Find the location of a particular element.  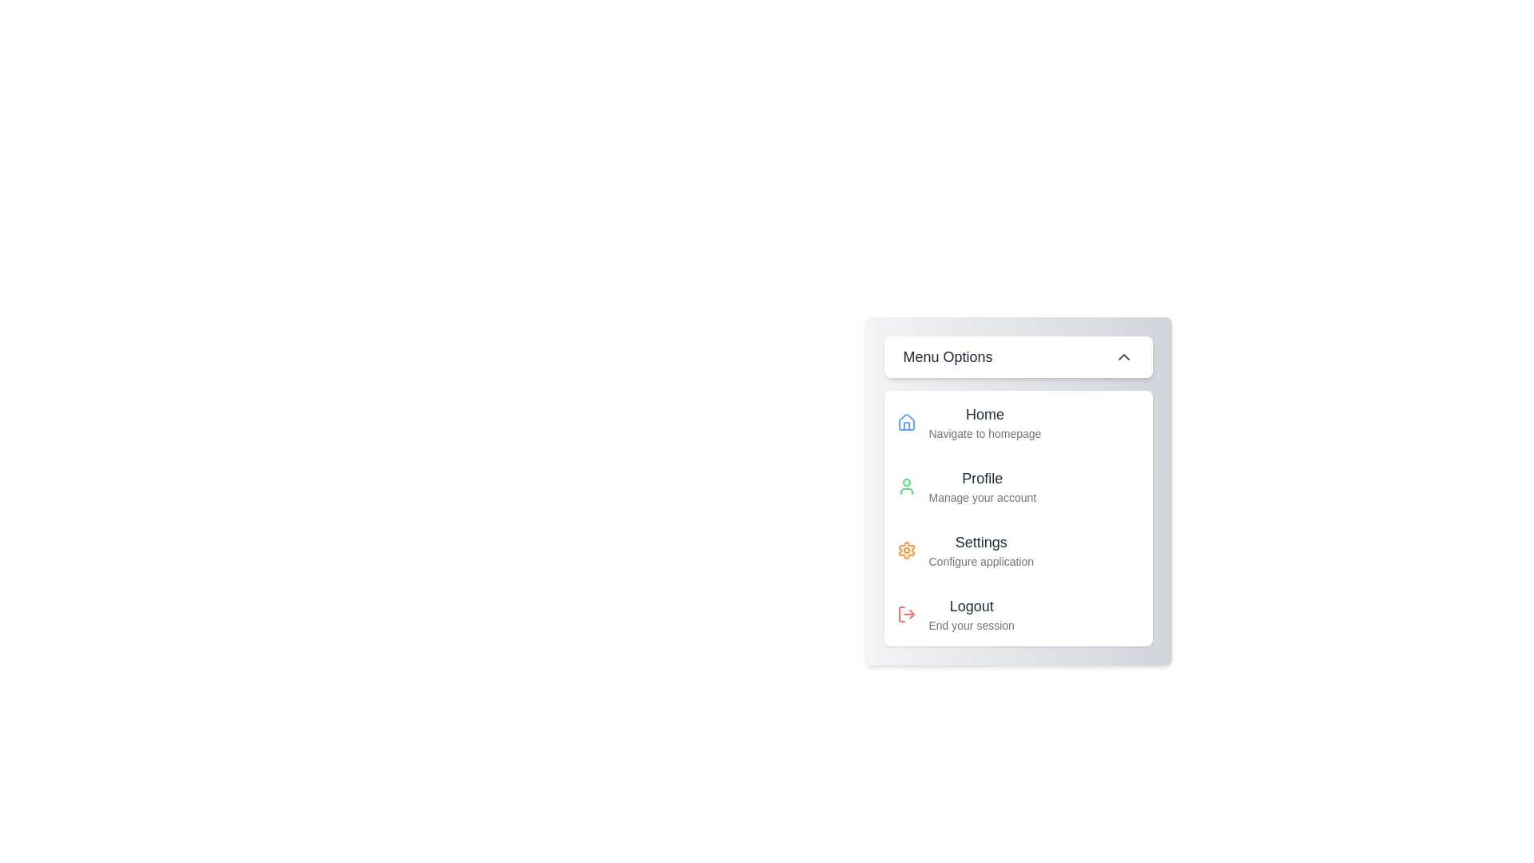

the homepage navigation icon, which is the first icon in the vertically-aligned menu is located at coordinates (906, 421).